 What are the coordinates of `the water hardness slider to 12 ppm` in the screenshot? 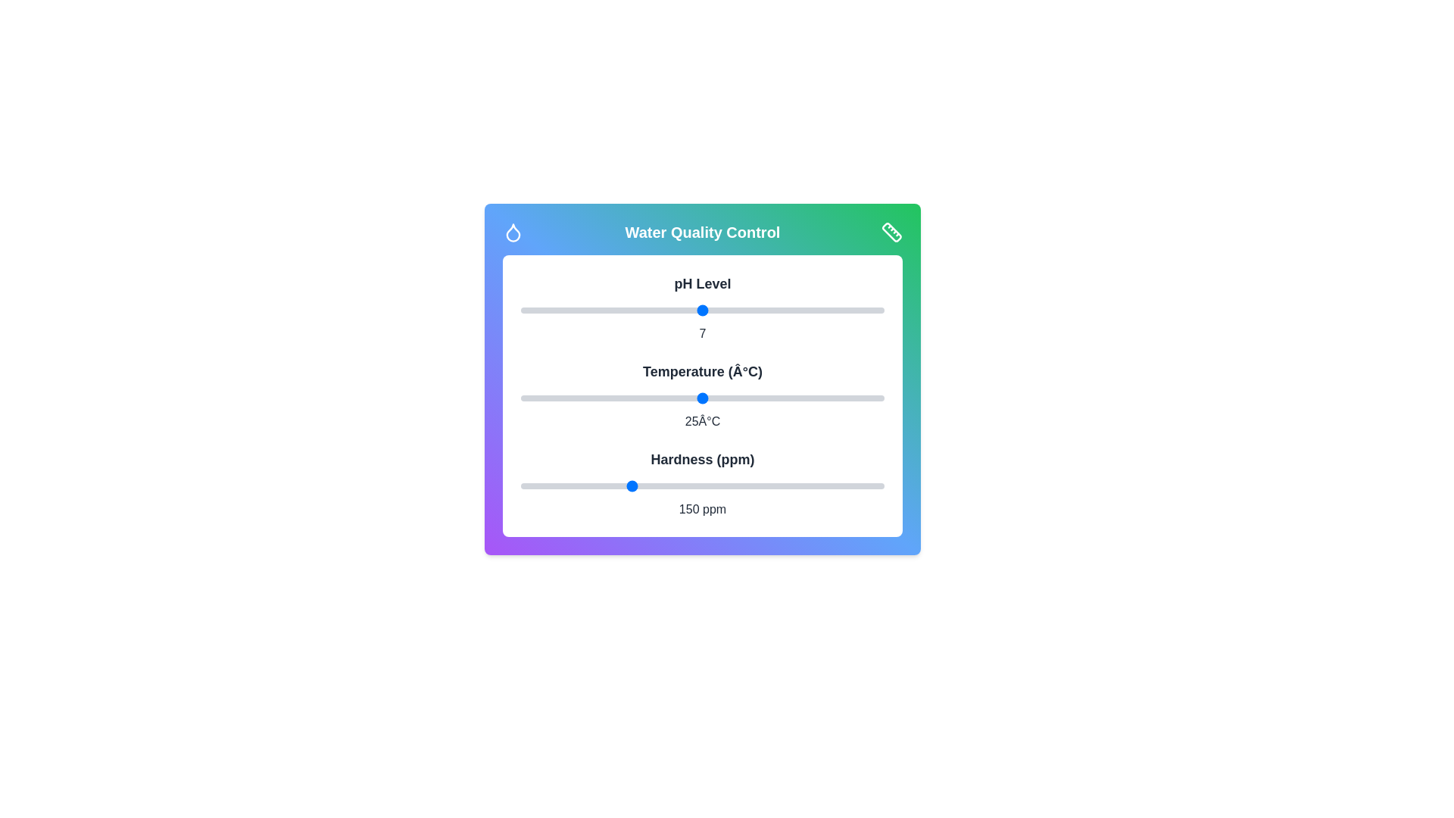 It's located at (529, 485).